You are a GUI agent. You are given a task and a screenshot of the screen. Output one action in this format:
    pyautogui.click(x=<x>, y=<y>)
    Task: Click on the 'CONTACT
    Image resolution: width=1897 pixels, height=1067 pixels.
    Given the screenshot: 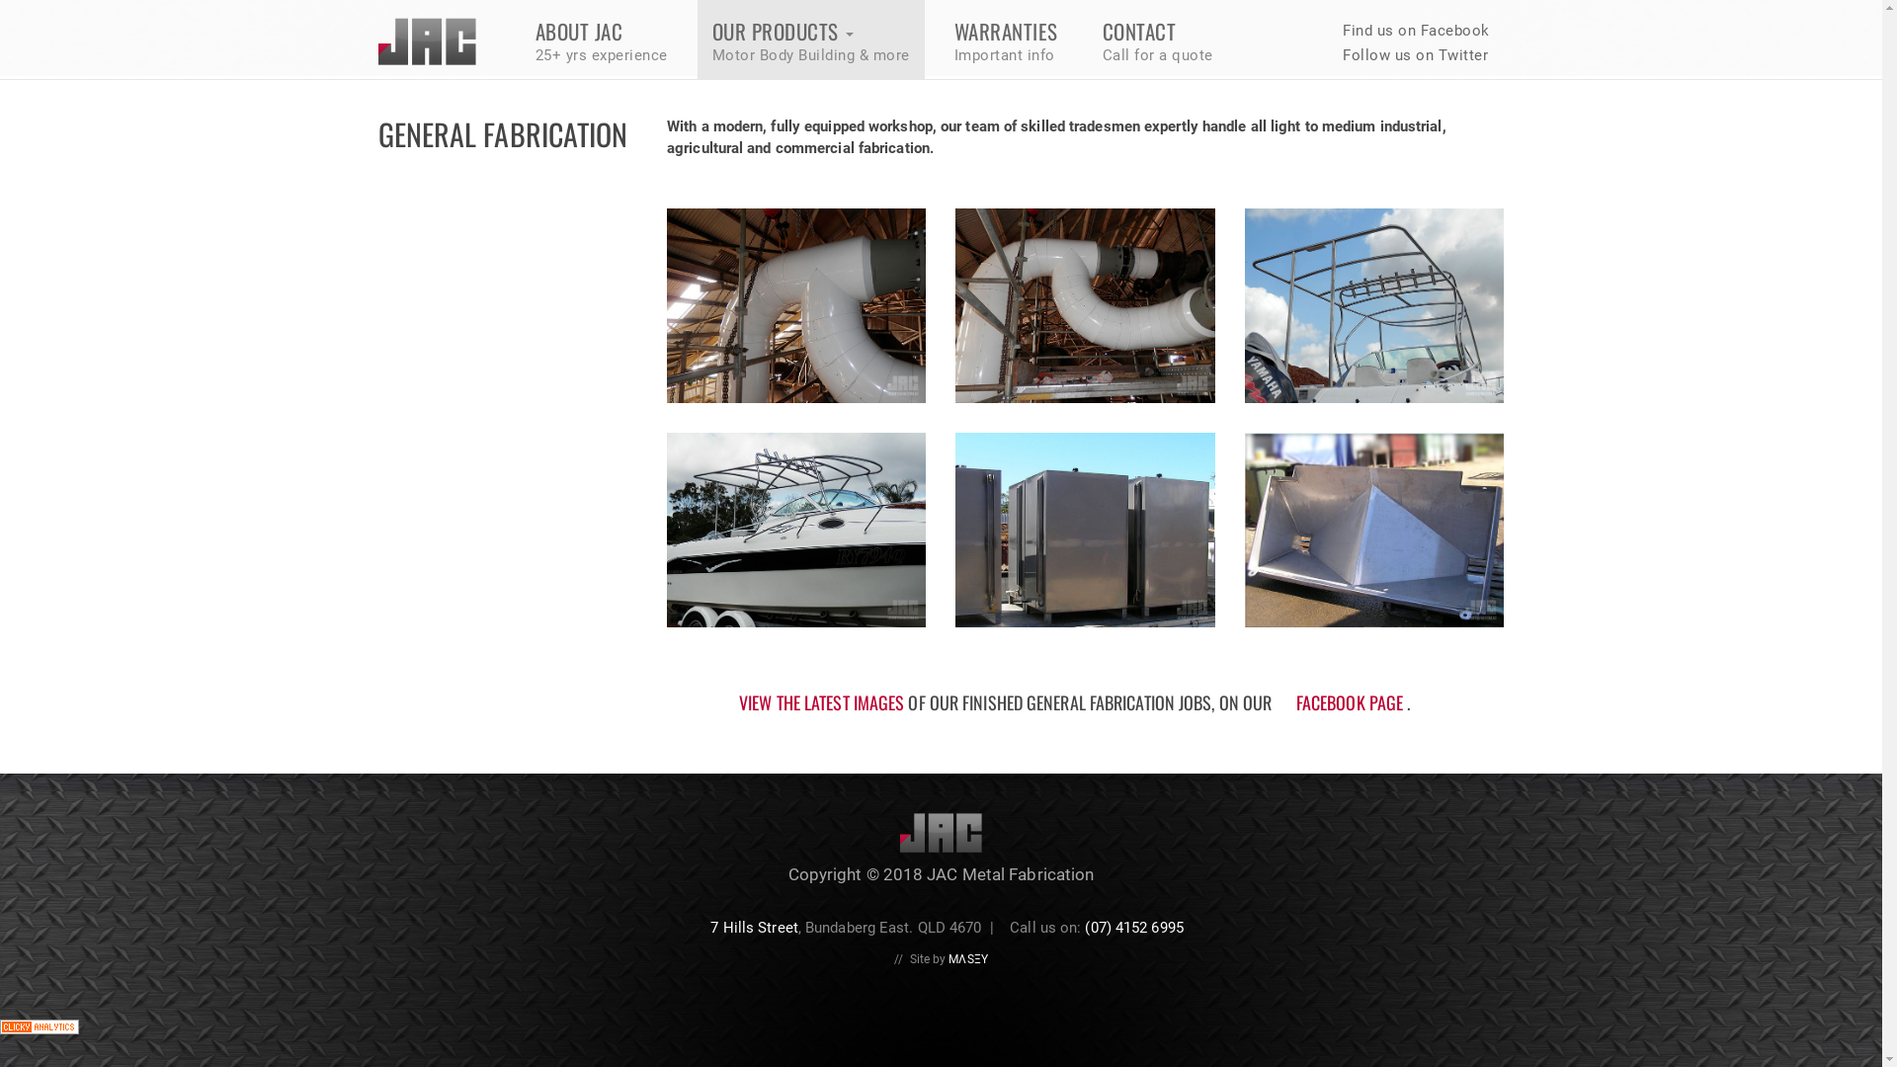 What is the action you would take?
    pyautogui.click(x=1157, y=39)
    